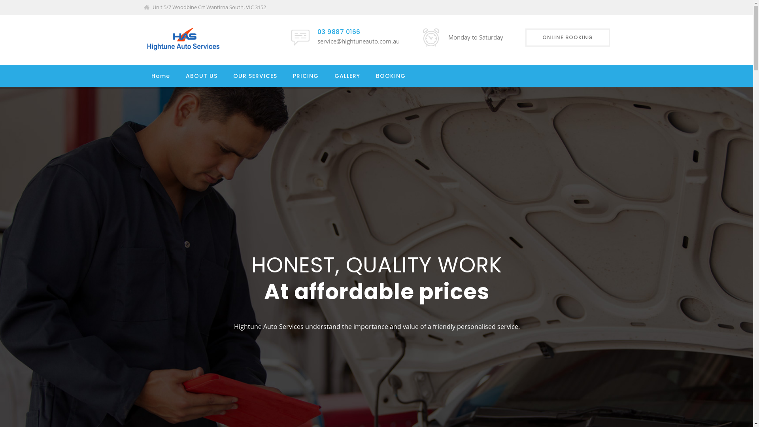  What do you see at coordinates (201, 76) in the screenshot?
I see `'ABOUT US'` at bounding box center [201, 76].